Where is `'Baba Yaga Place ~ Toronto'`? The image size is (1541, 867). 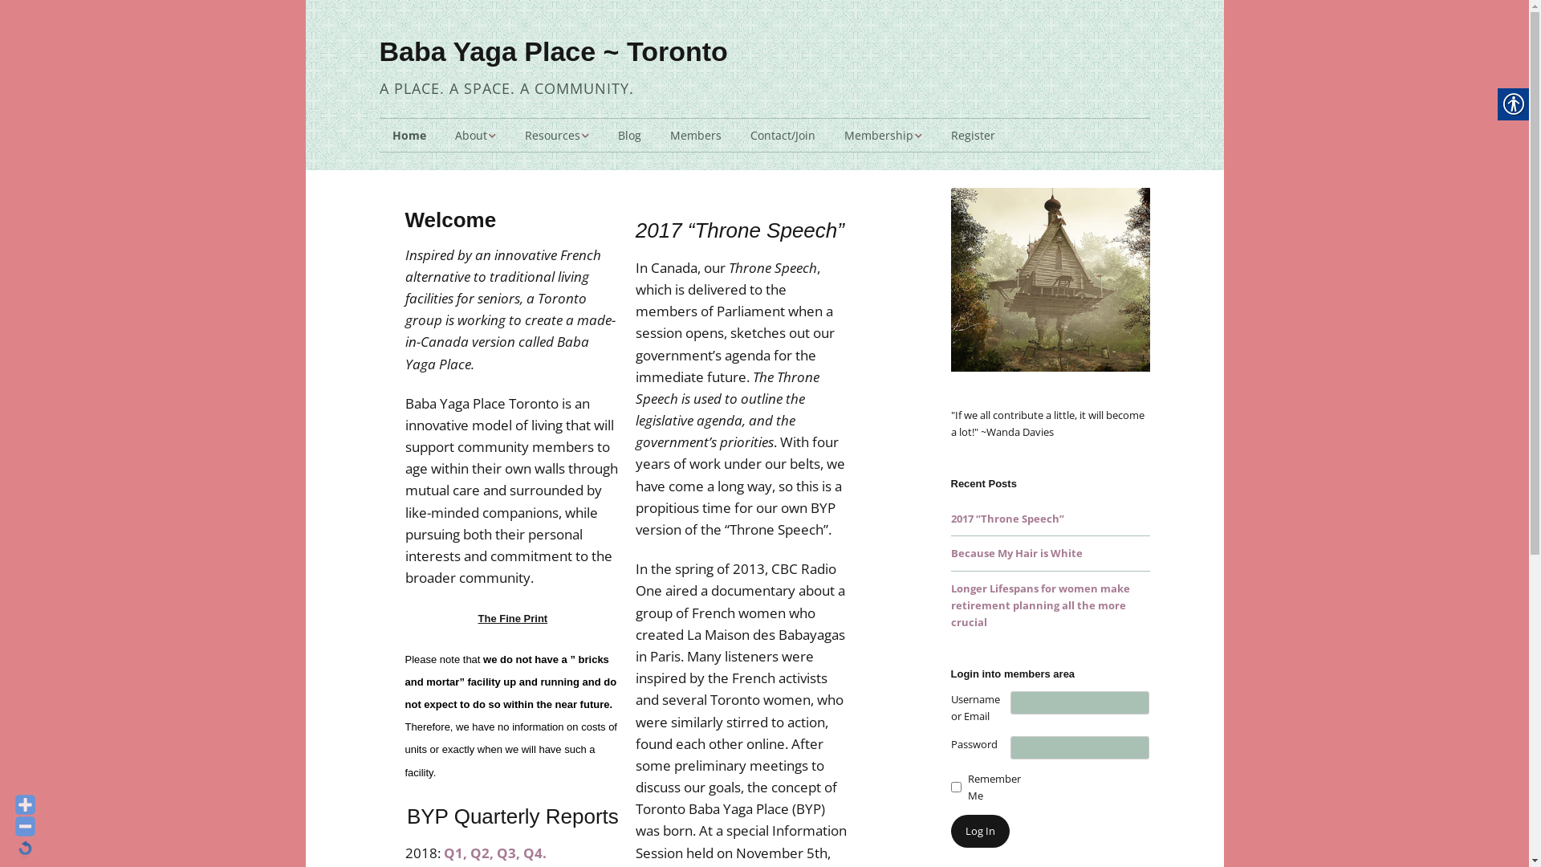
'Baba Yaga Place ~ Toronto' is located at coordinates (553, 51).